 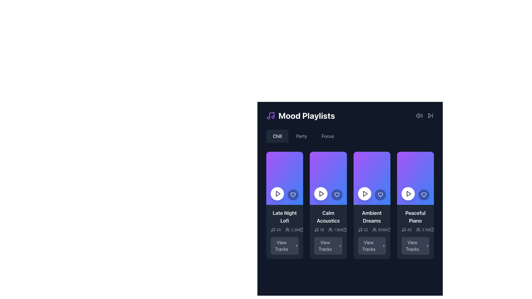 What do you see at coordinates (372, 245) in the screenshot?
I see `the 'View Tracks' button located at the bottom of the 'Ambient Dreams' playlist card, which features a dark gray background, light gray text, and a right-pointing arrow icon` at bounding box center [372, 245].